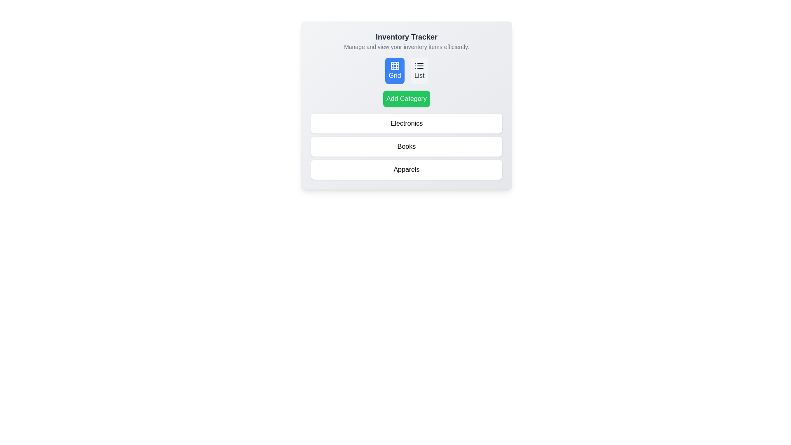 The height and width of the screenshot is (445, 791). I want to click on the text element that serves as a description for the Inventory Tracker feature, positioned directly below the main title 'Inventory Tracker', so click(407, 47).